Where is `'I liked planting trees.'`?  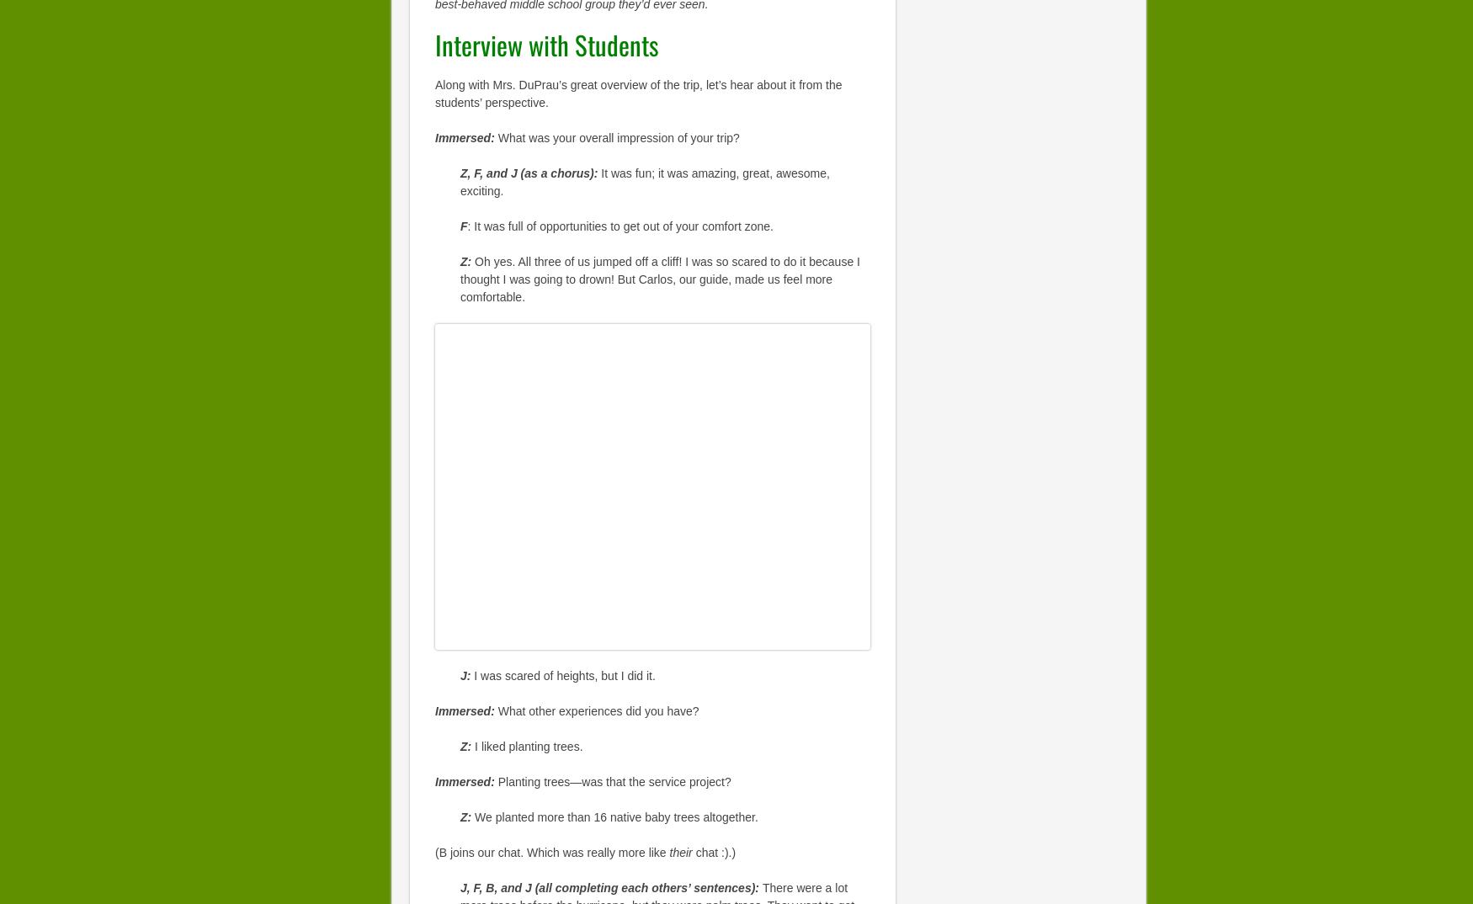
'I liked planting trees.' is located at coordinates (528, 746).